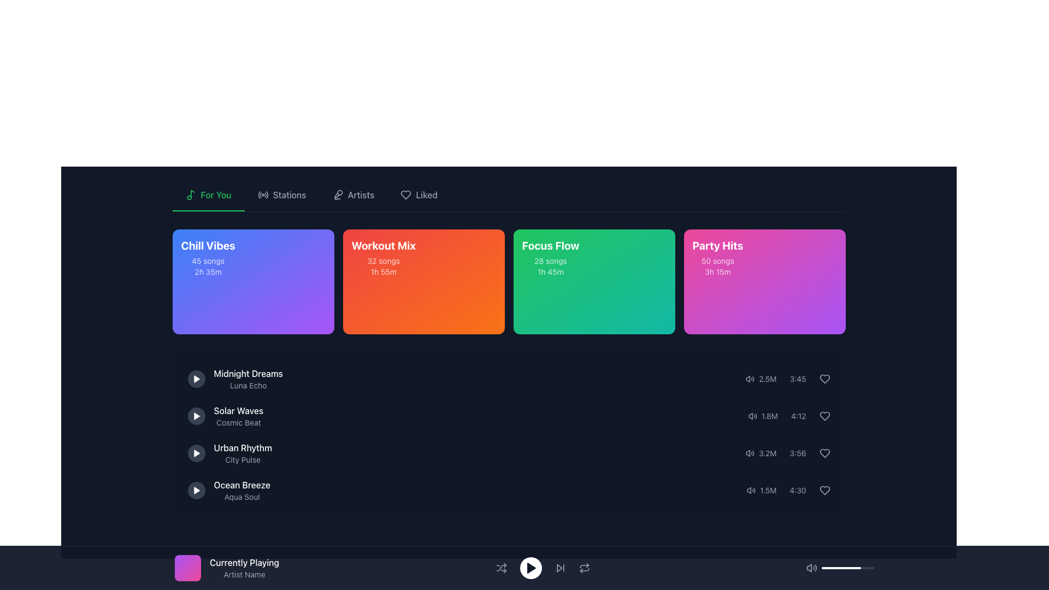 The width and height of the screenshot is (1049, 590). I want to click on the artist name text display located below the 'Currently Playing' text in the bottom bar of the interface, so click(244, 574).